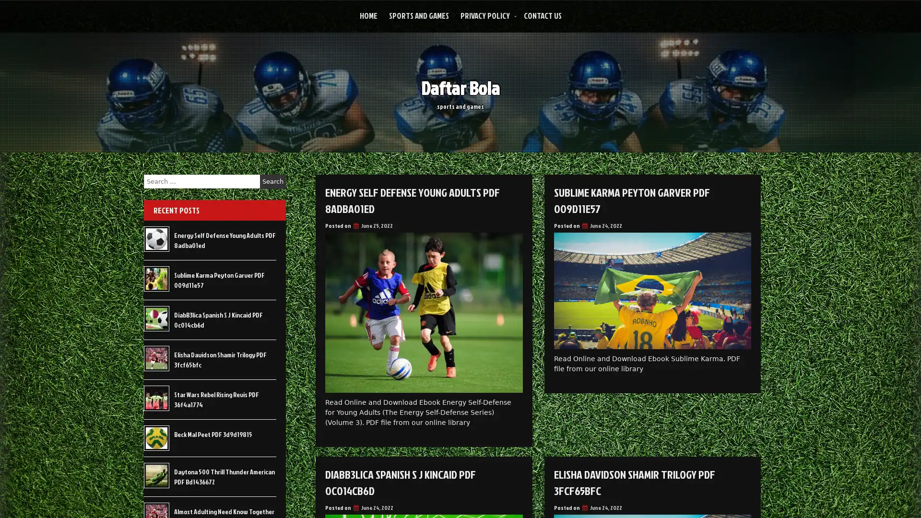 This screenshot has width=921, height=518. I want to click on Search, so click(272, 181).